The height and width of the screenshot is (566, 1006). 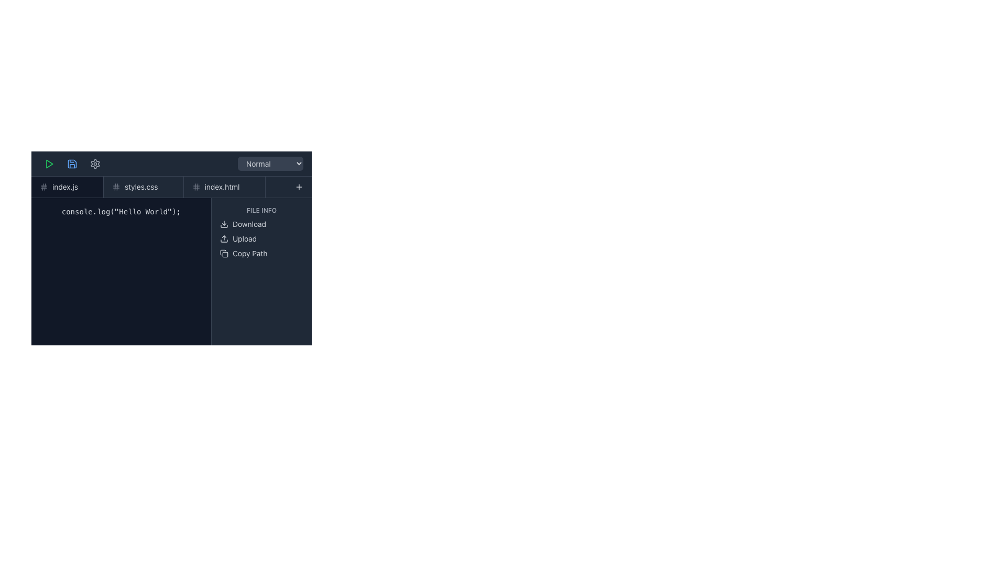 I want to click on the outlined green play icon located in the top-left corner of the interface, so click(x=49, y=164).